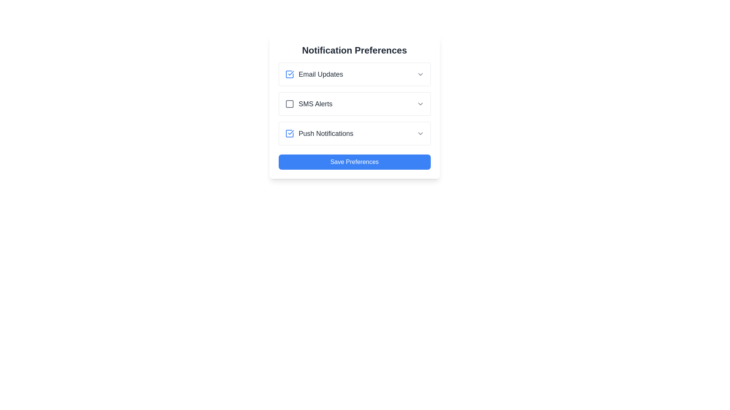  I want to click on the dropdown arrow of the 'Email Updates' list item, so click(354, 74).